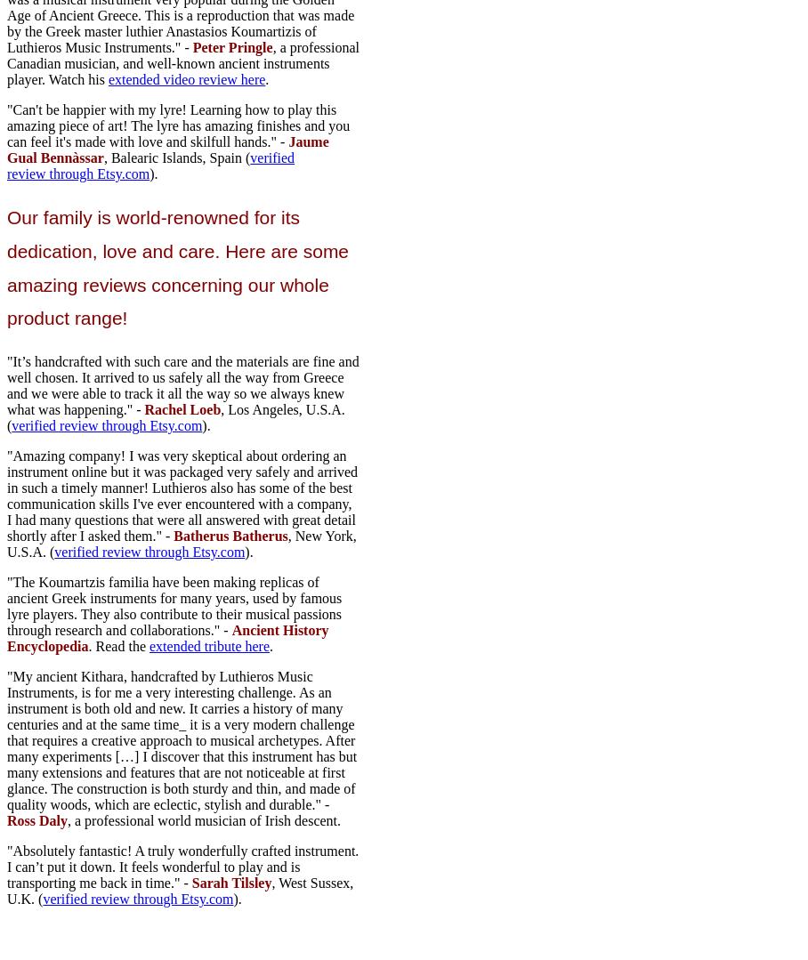 The image size is (808, 960). What do you see at coordinates (186, 79) in the screenshot?
I see `'extended video review here'` at bounding box center [186, 79].